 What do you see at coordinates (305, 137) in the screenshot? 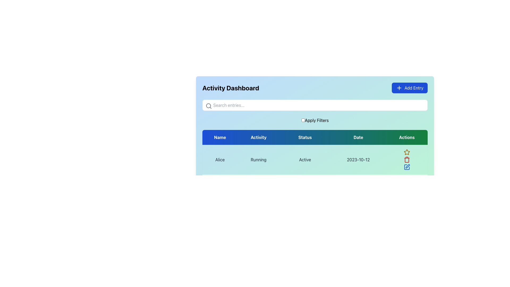
I see `the third column header in the table that indicates the statuses related to the listed items, positioned between 'Activity' and 'Date'` at bounding box center [305, 137].